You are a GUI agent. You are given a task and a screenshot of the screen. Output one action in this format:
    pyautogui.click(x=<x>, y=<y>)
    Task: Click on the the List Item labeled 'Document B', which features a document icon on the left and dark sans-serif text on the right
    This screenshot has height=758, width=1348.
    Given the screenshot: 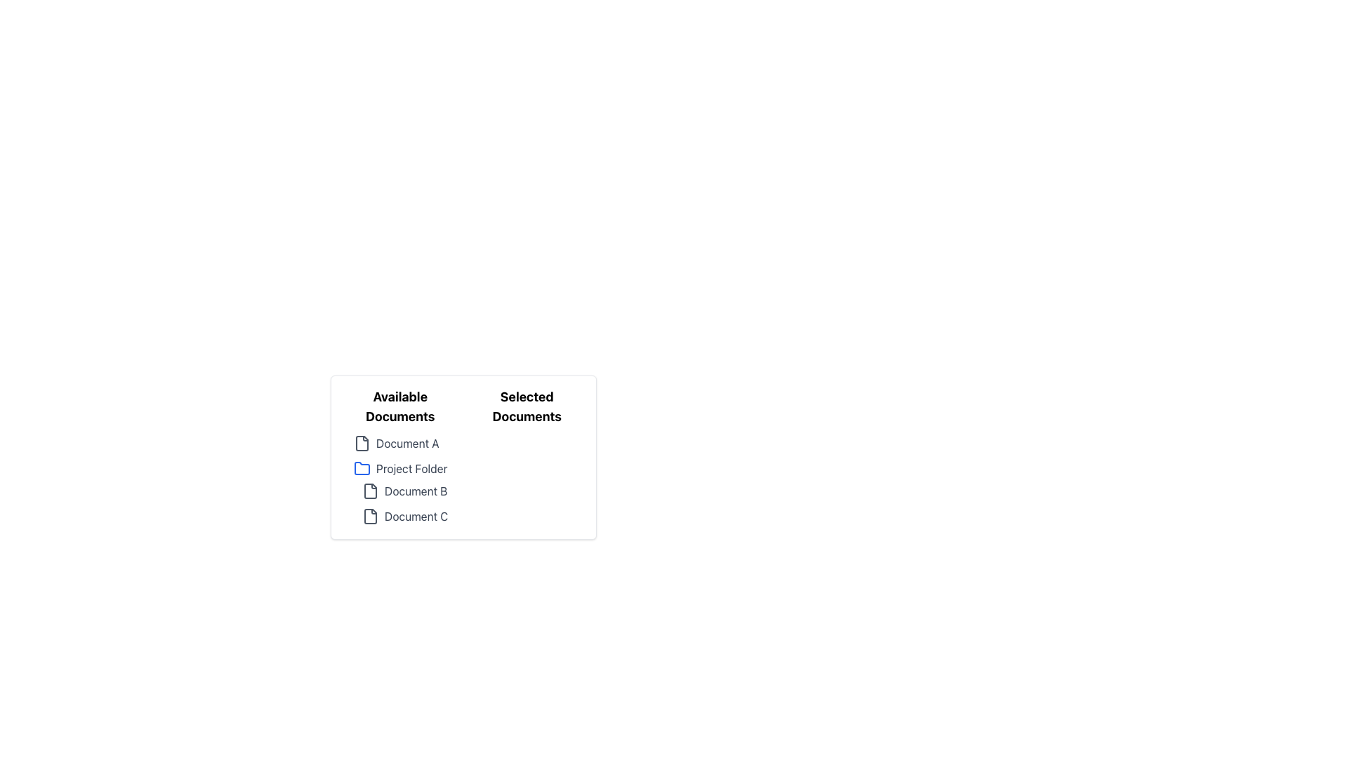 What is the action you would take?
    pyautogui.click(x=404, y=490)
    